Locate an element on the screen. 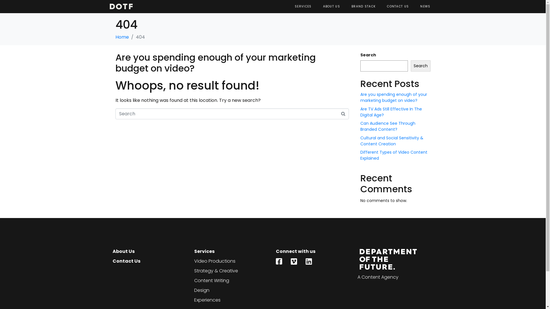 The width and height of the screenshot is (550, 309). 'Video Productions' is located at coordinates (232, 261).